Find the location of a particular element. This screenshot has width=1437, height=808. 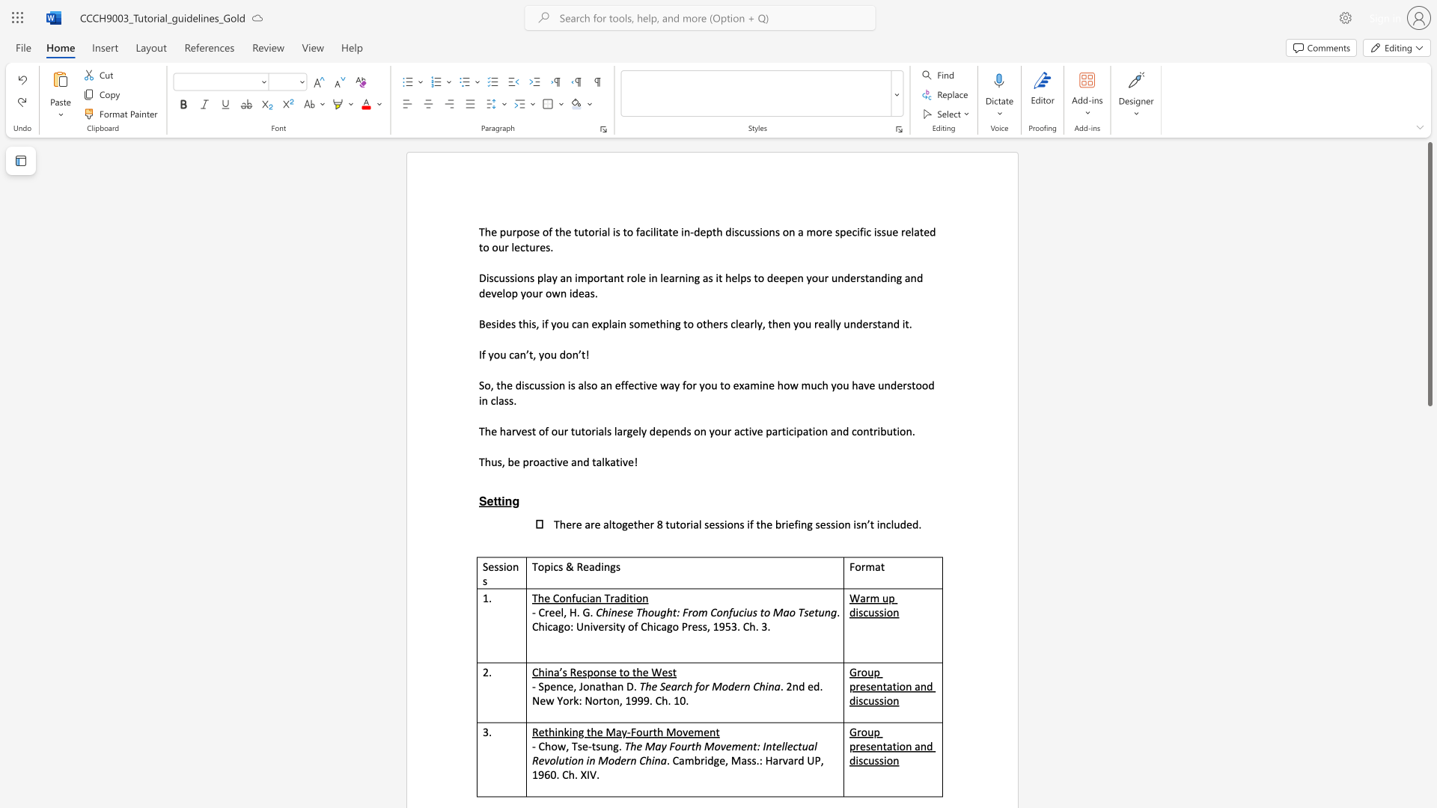

the scrollbar to scroll the page down is located at coordinates (1429, 724).